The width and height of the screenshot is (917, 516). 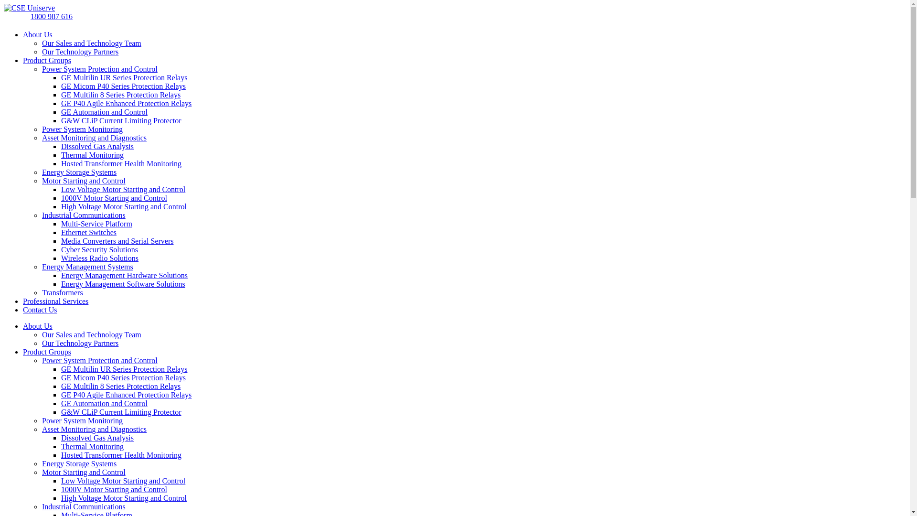 I want to click on 'Ethernet Switches', so click(x=89, y=232).